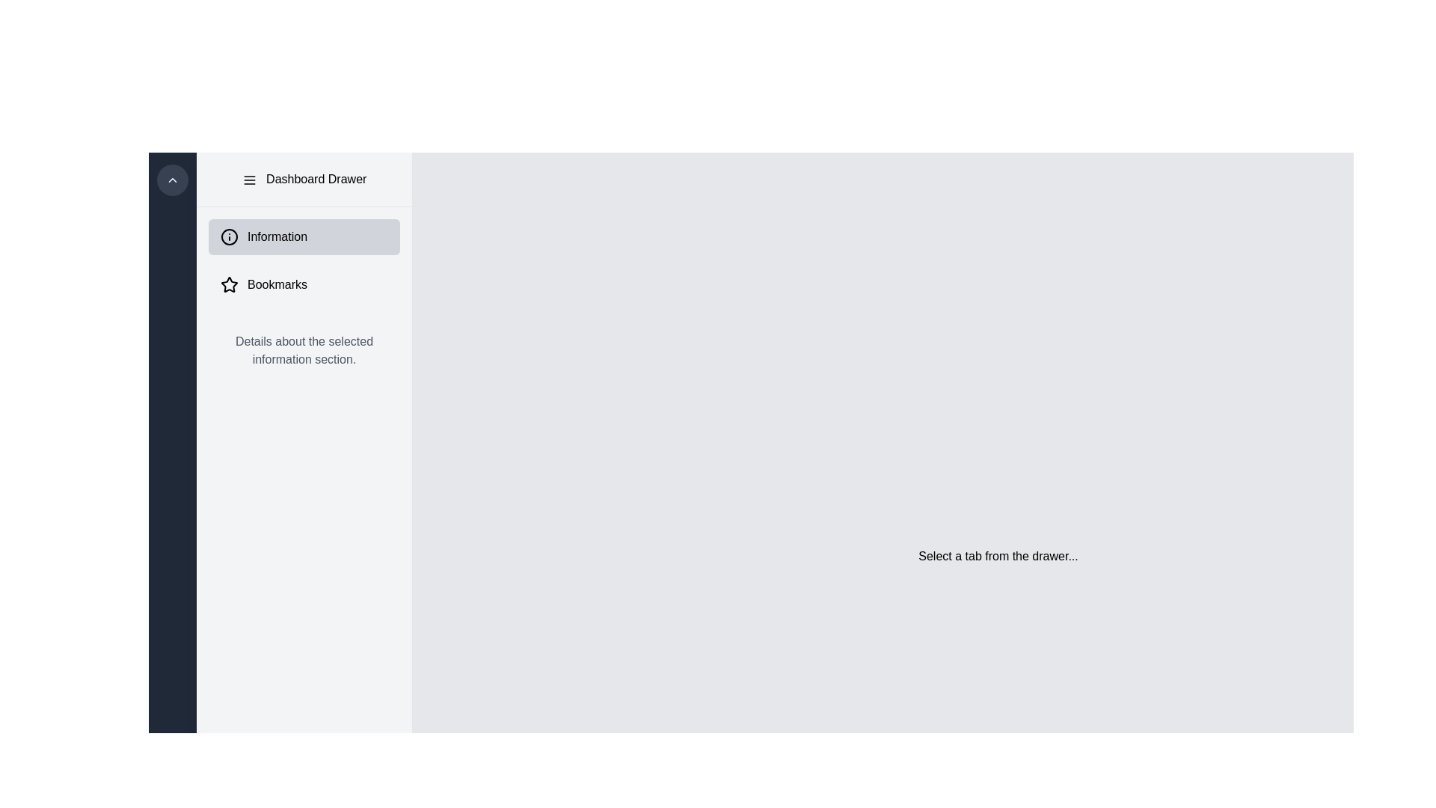 This screenshot has height=808, width=1436. I want to click on the hamburger menu icon located in the header of the 'Dashboard Drawer' sidebar, so click(249, 179).